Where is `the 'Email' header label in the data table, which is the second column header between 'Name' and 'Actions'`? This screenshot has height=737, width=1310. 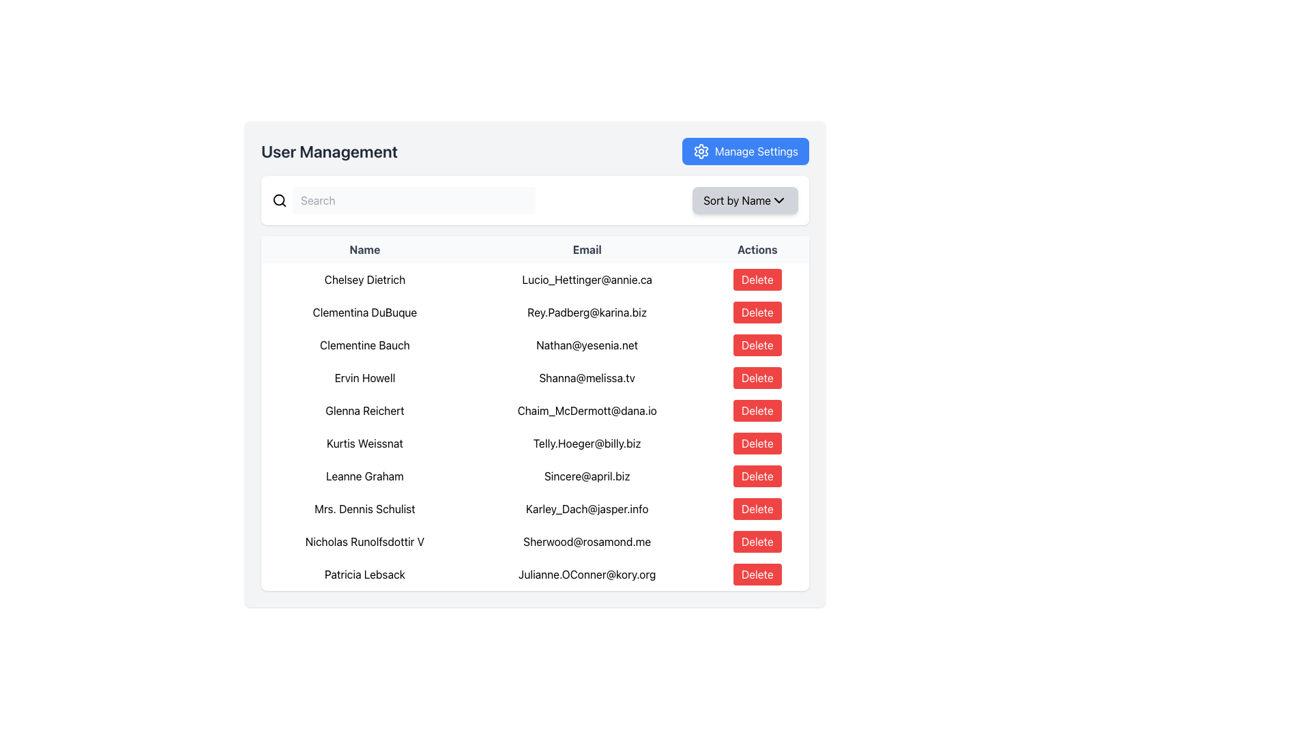
the 'Email' header label in the data table, which is the second column header between 'Name' and 'Actions' is located at coordinates (587, 250).